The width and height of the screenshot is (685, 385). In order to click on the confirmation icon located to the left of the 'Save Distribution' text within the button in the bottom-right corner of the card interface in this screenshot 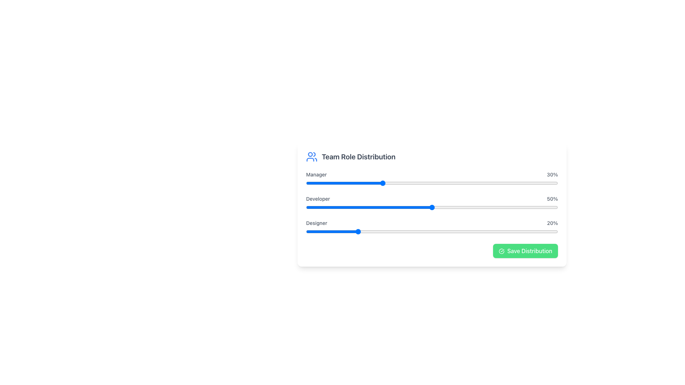, I will do `click(501, 251)`.